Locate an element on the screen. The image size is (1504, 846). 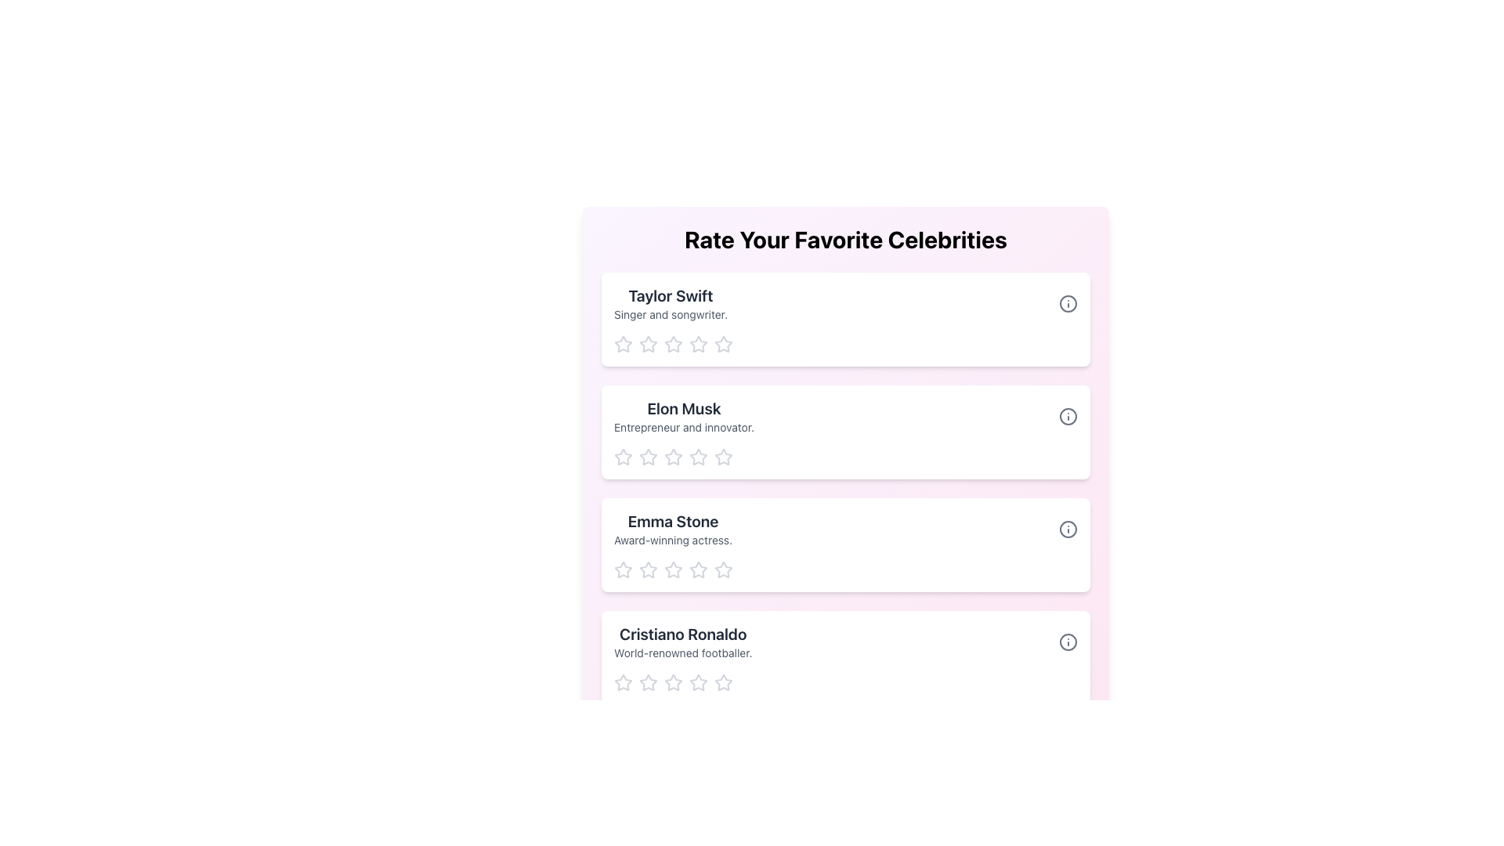
the first star in the horizontal sequence of rating stars for 'Cristiano Ronaldo' is located at coordinates (623, 681).